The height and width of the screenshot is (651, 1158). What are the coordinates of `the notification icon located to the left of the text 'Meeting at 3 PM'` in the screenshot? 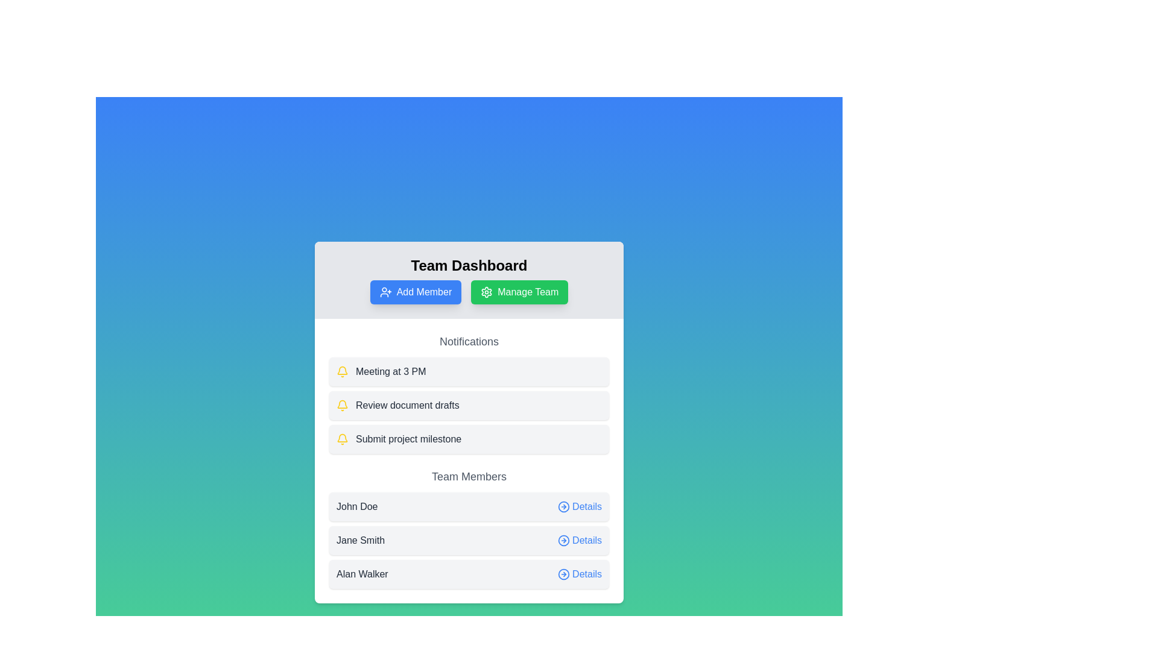 It's located at (341, 371).